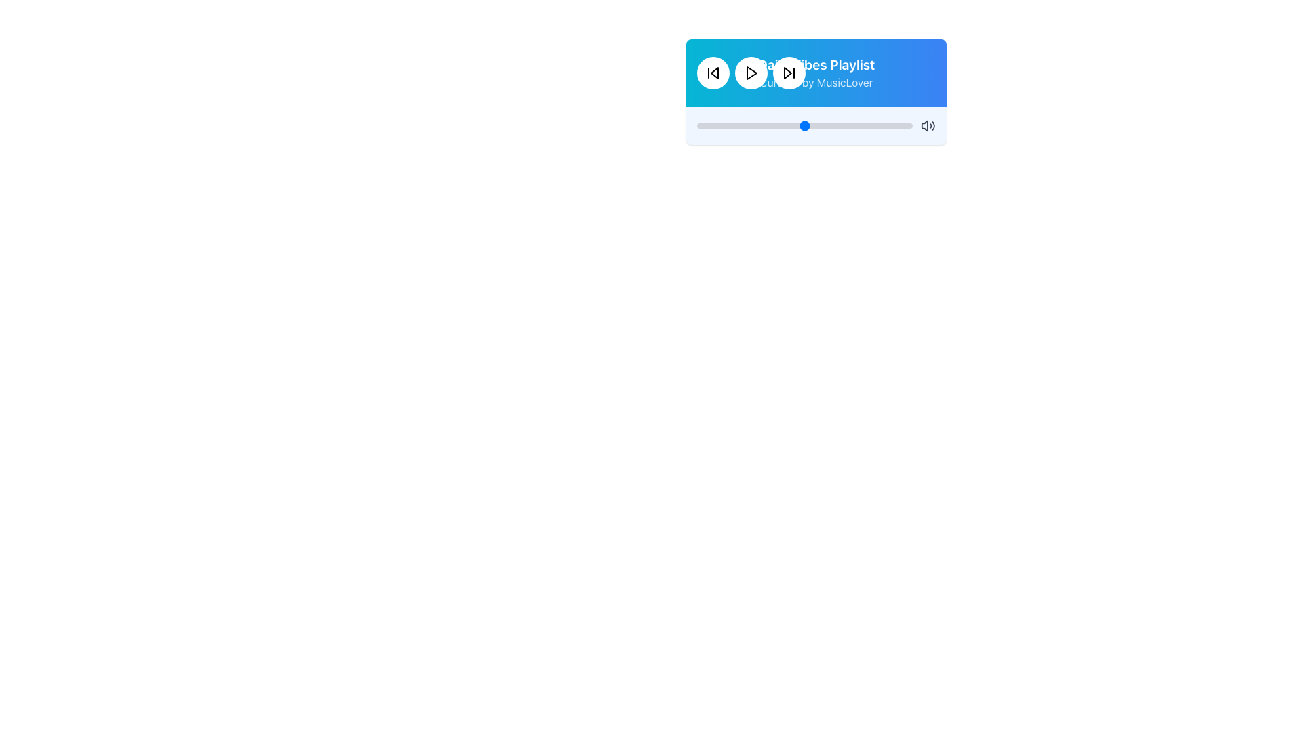 This screenshot has height=732, width=1302. I want to click on the 'Next' or 'Skip Forward' icon, which is the third control icon in the row, located in the center top of the player interface, so click(789, 73).